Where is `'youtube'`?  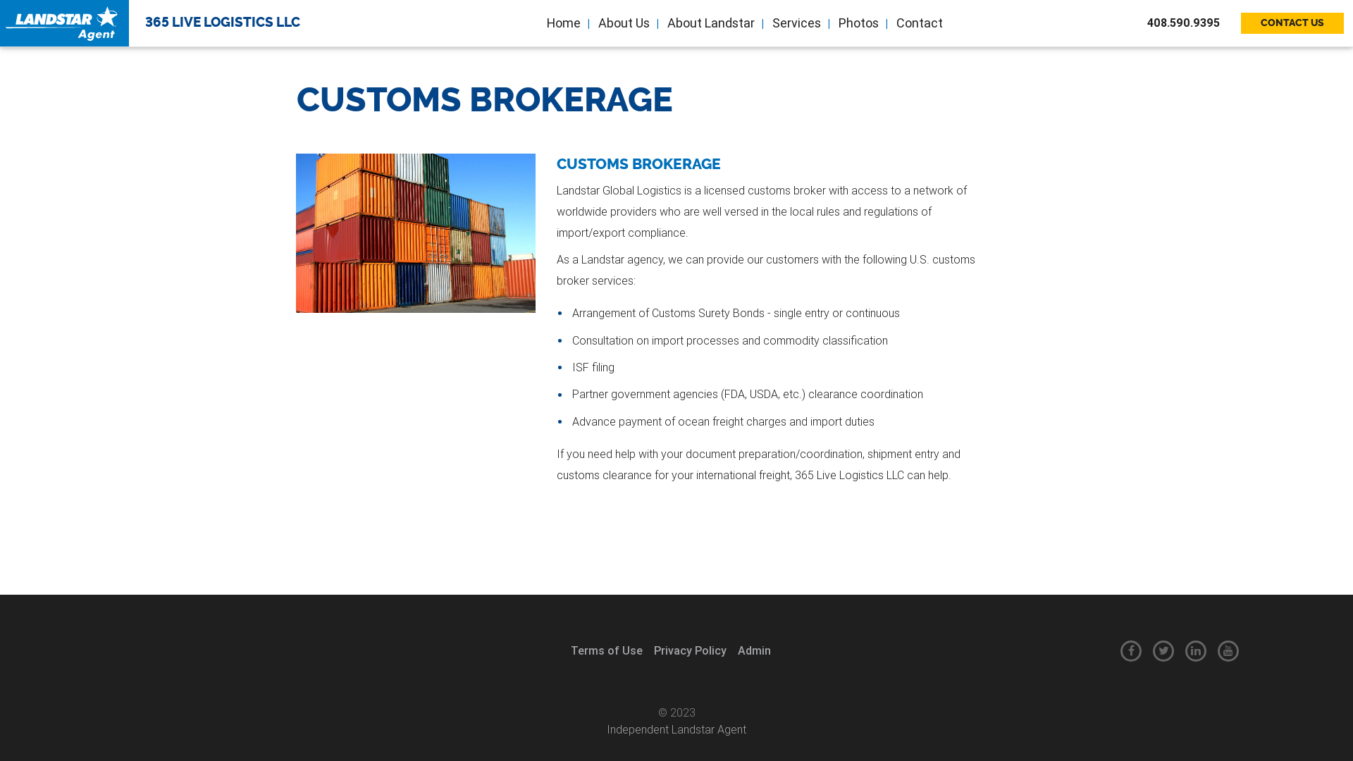
'youtube' is located at coordinates (1217, 651).